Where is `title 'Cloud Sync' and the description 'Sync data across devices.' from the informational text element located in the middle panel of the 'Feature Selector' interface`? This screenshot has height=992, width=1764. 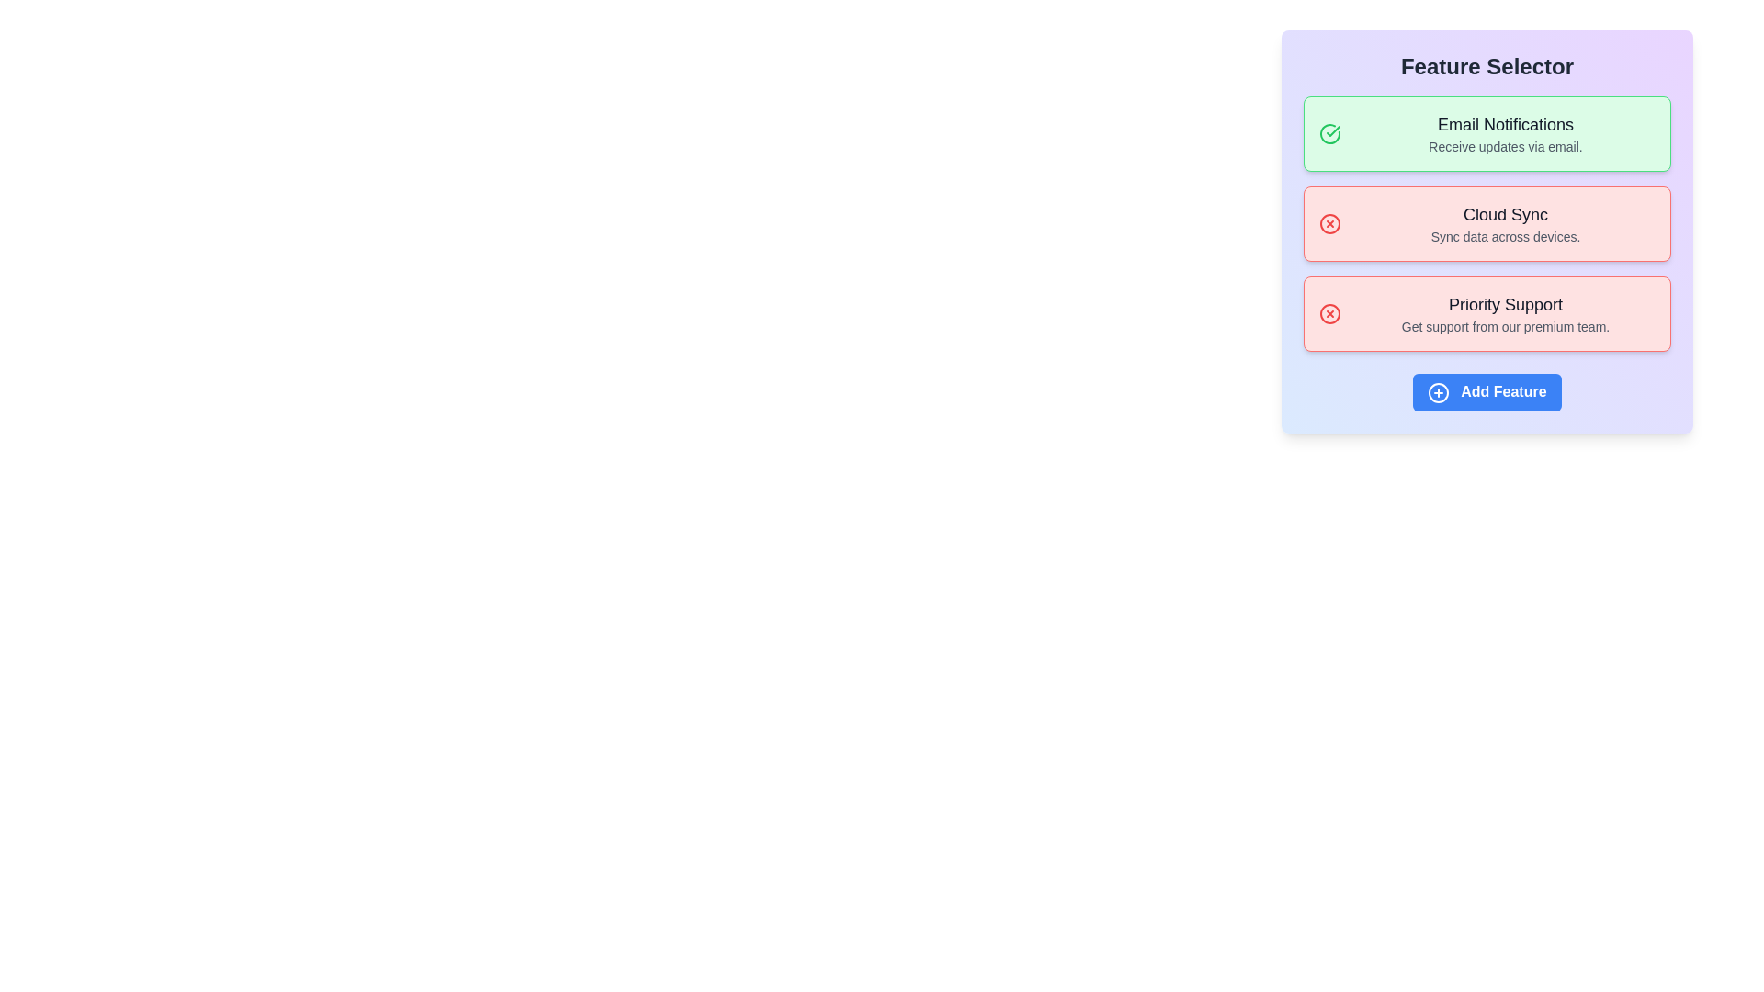
title 'Cloud Sync' and the description 'Sync data across devices.' from the informational text element located in the middle panel of the 'Feature Selector' interface is located at coordinates (1505, 222).